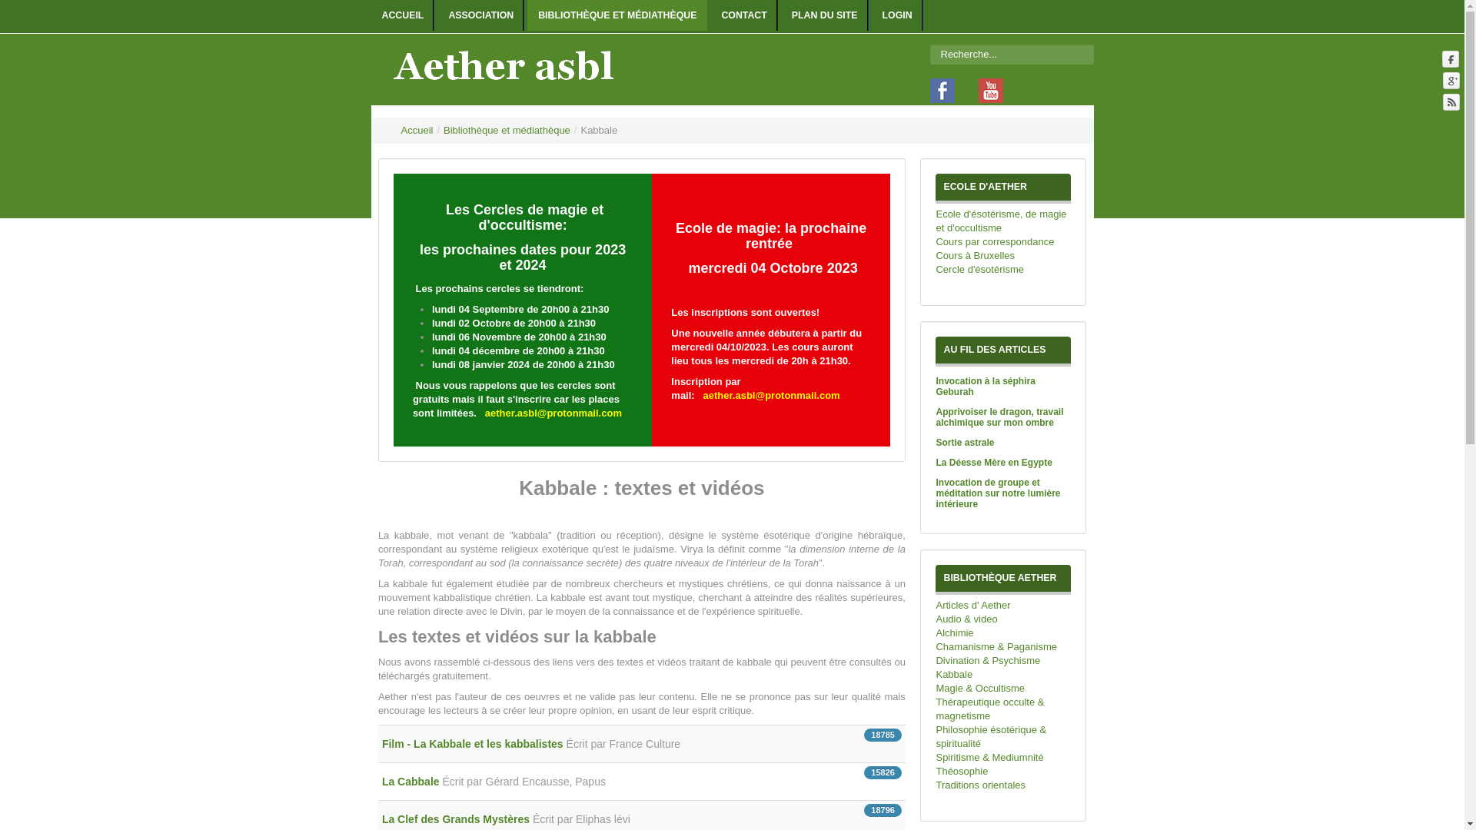 This screenshot has width=1476, height=830. I want to click on 'ASSOCIATION', so click(437, 15).